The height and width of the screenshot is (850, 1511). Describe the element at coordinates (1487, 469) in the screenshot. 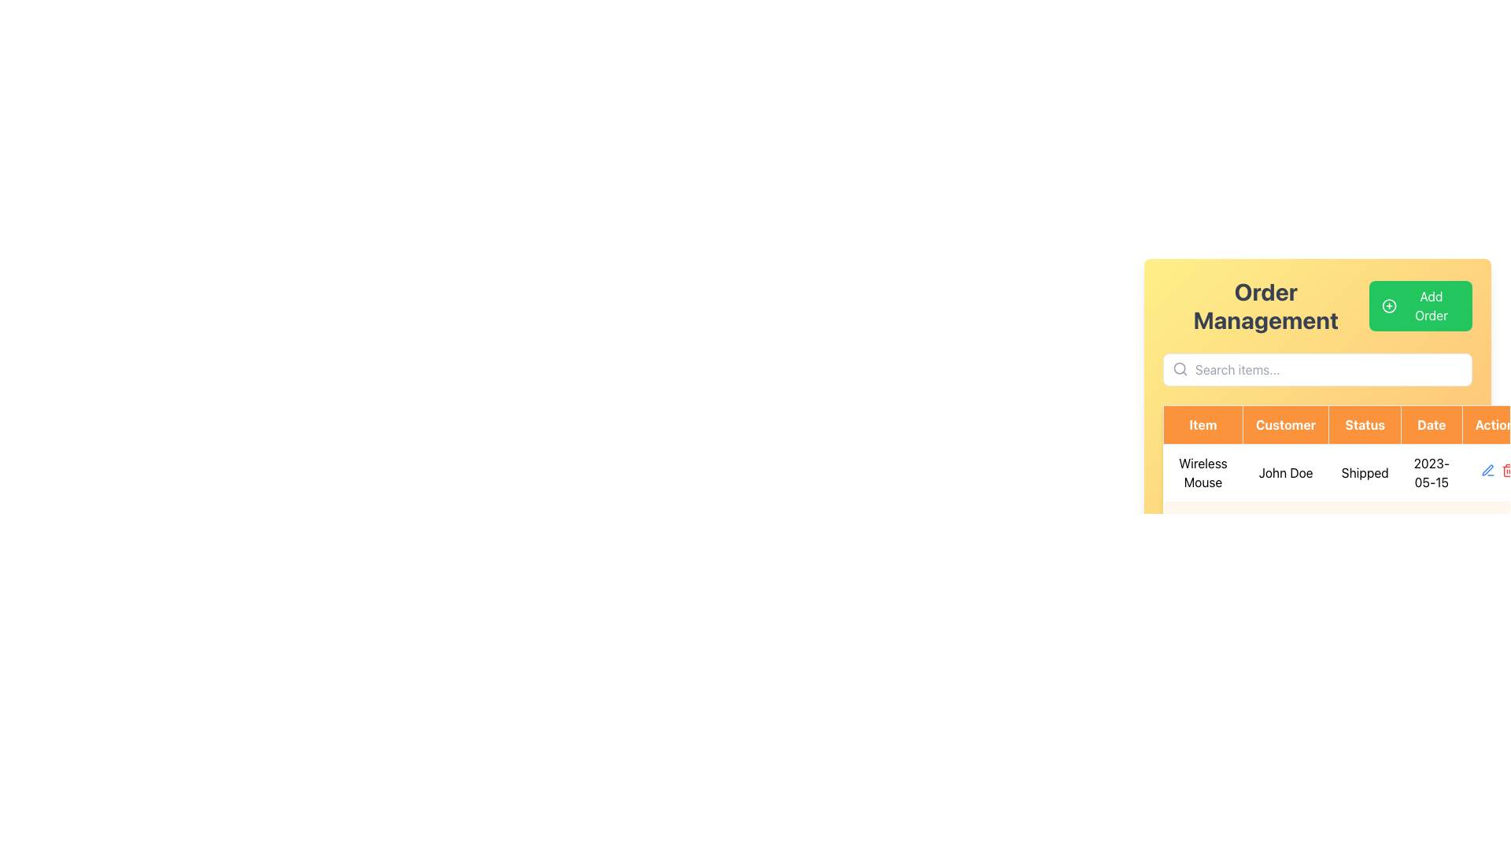

I see `the blue pen icon button located in the 'Actions' column of the first row of the data table` at that location.